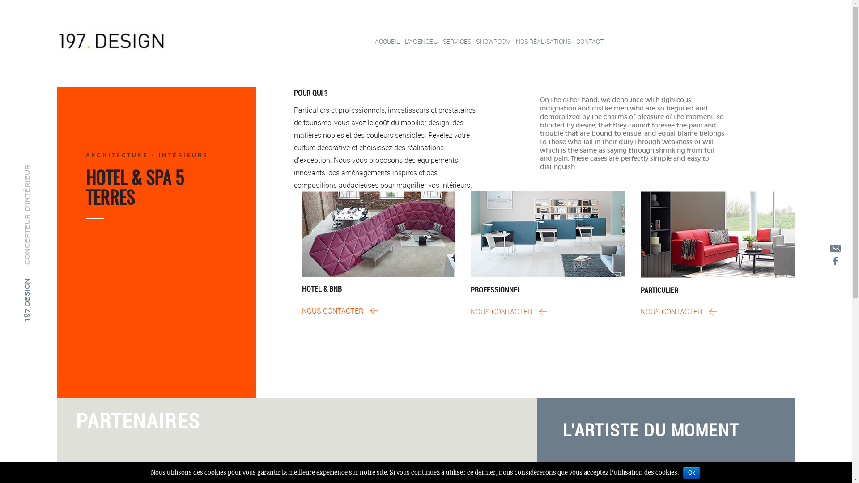 Image resolution: width=859 pixels, height=483 pixels. What do you see at coordinates (509, 311) in the screenshot?
I see `'NOUS CONTACTER'` at bounding box center [509, 311].